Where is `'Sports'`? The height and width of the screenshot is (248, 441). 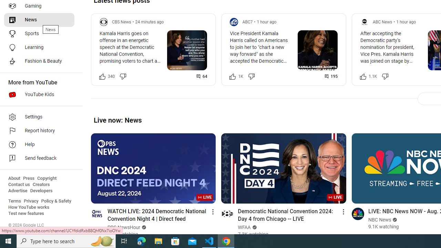 'Sports' is located at coordinates (39, 33).